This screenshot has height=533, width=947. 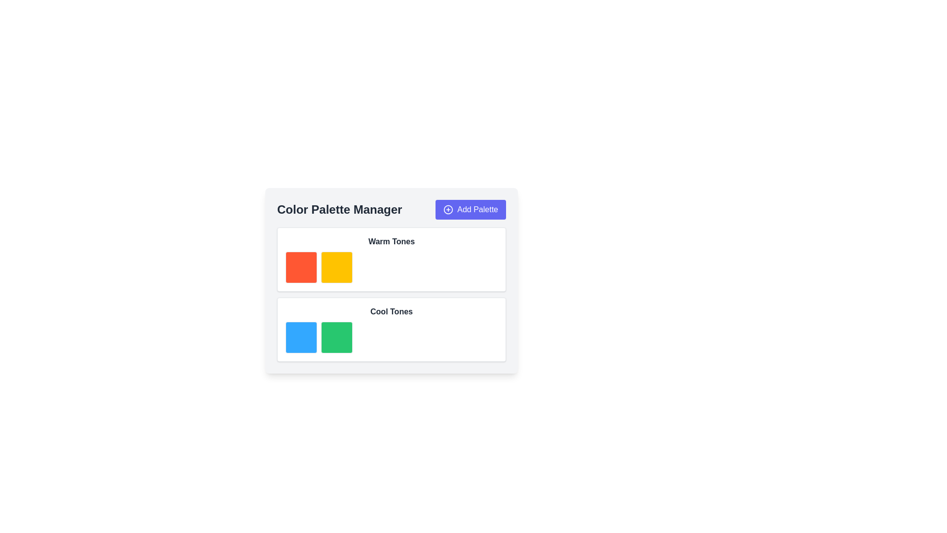 I want to click on text from the heading element labeled 'Color Palette Manager', which is displayed in a bold and large font size, styled in dark gray, located at the upper section of the color palette management interface, so click(x=339, y=209).